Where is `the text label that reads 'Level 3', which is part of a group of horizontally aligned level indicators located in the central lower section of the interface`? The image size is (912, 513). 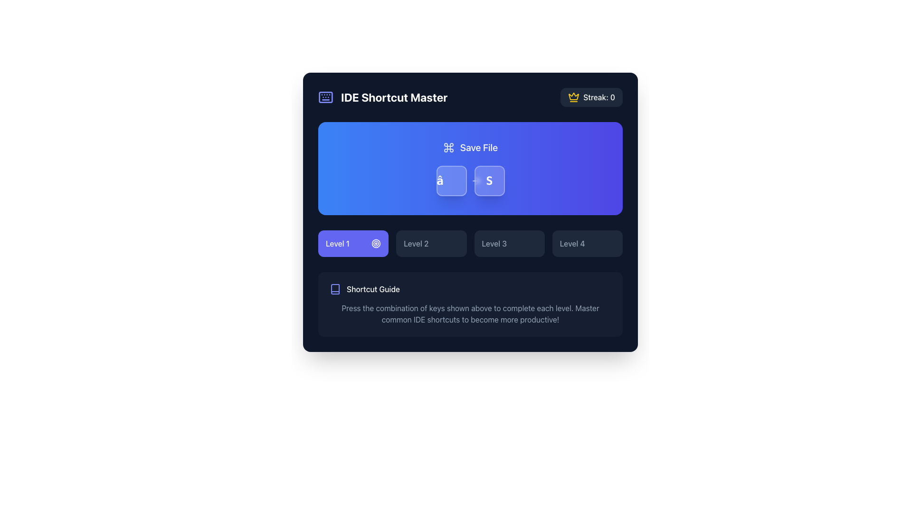 the text label that reads 'Level 3', which is part of a group of horizontally aligned level indicators located in the central lower section of the interface is located at coordinates (494, 243).